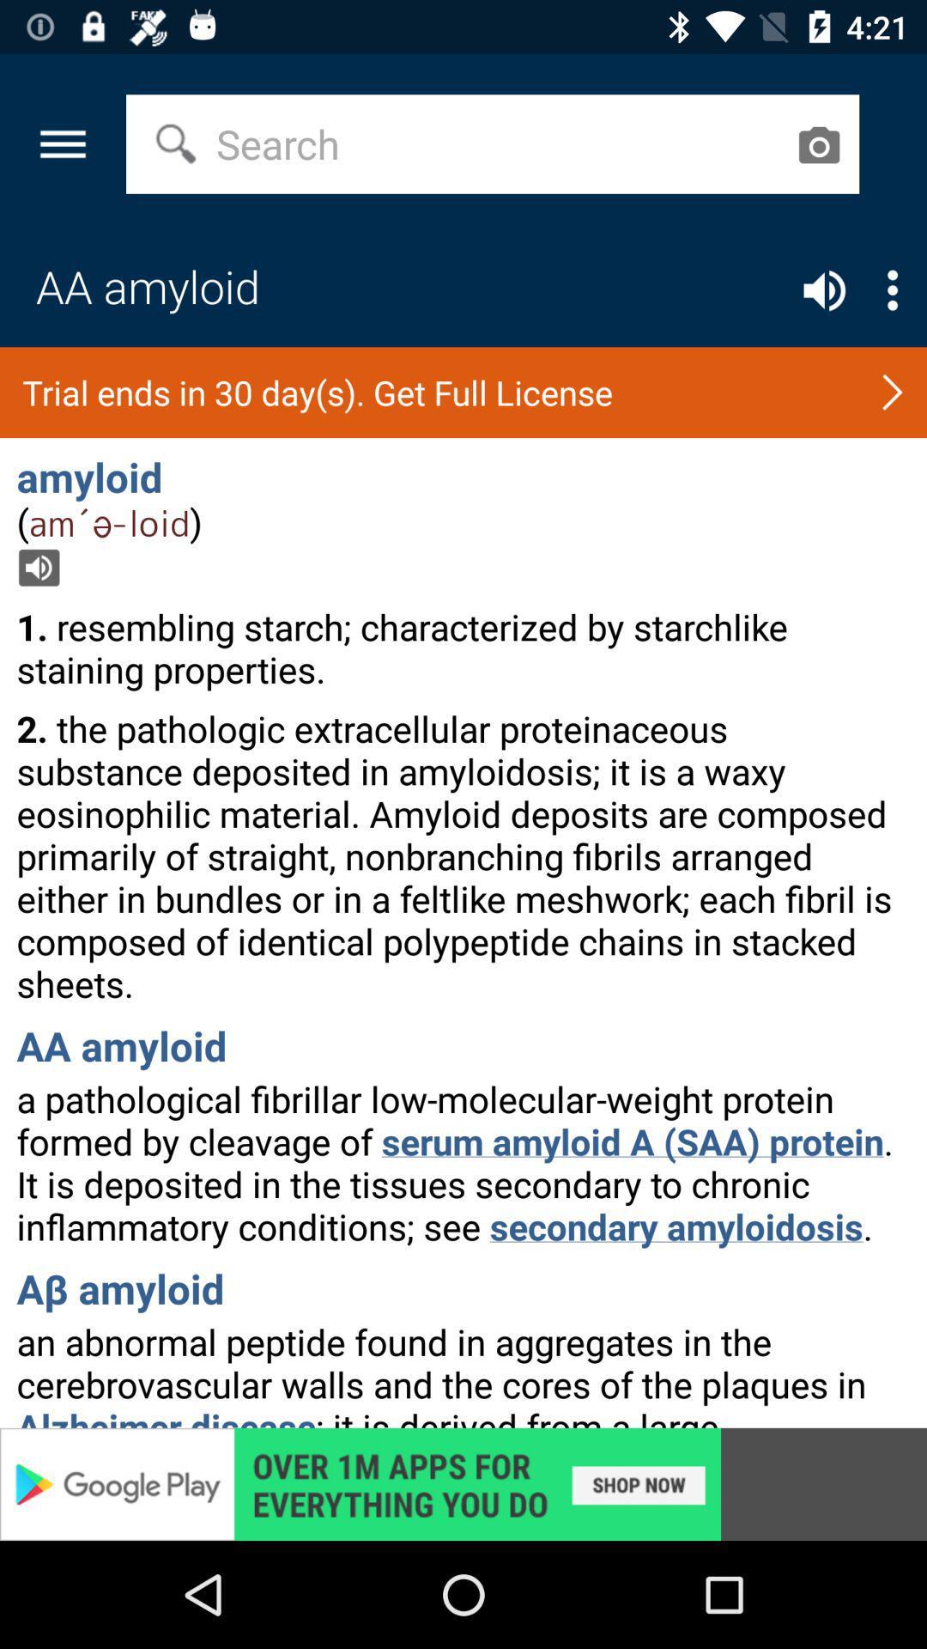 The image size is (927, 1649). What do you see at coordinates (817, 144) in the screenshot?
I see `search box` at bounding box center [817, 144].